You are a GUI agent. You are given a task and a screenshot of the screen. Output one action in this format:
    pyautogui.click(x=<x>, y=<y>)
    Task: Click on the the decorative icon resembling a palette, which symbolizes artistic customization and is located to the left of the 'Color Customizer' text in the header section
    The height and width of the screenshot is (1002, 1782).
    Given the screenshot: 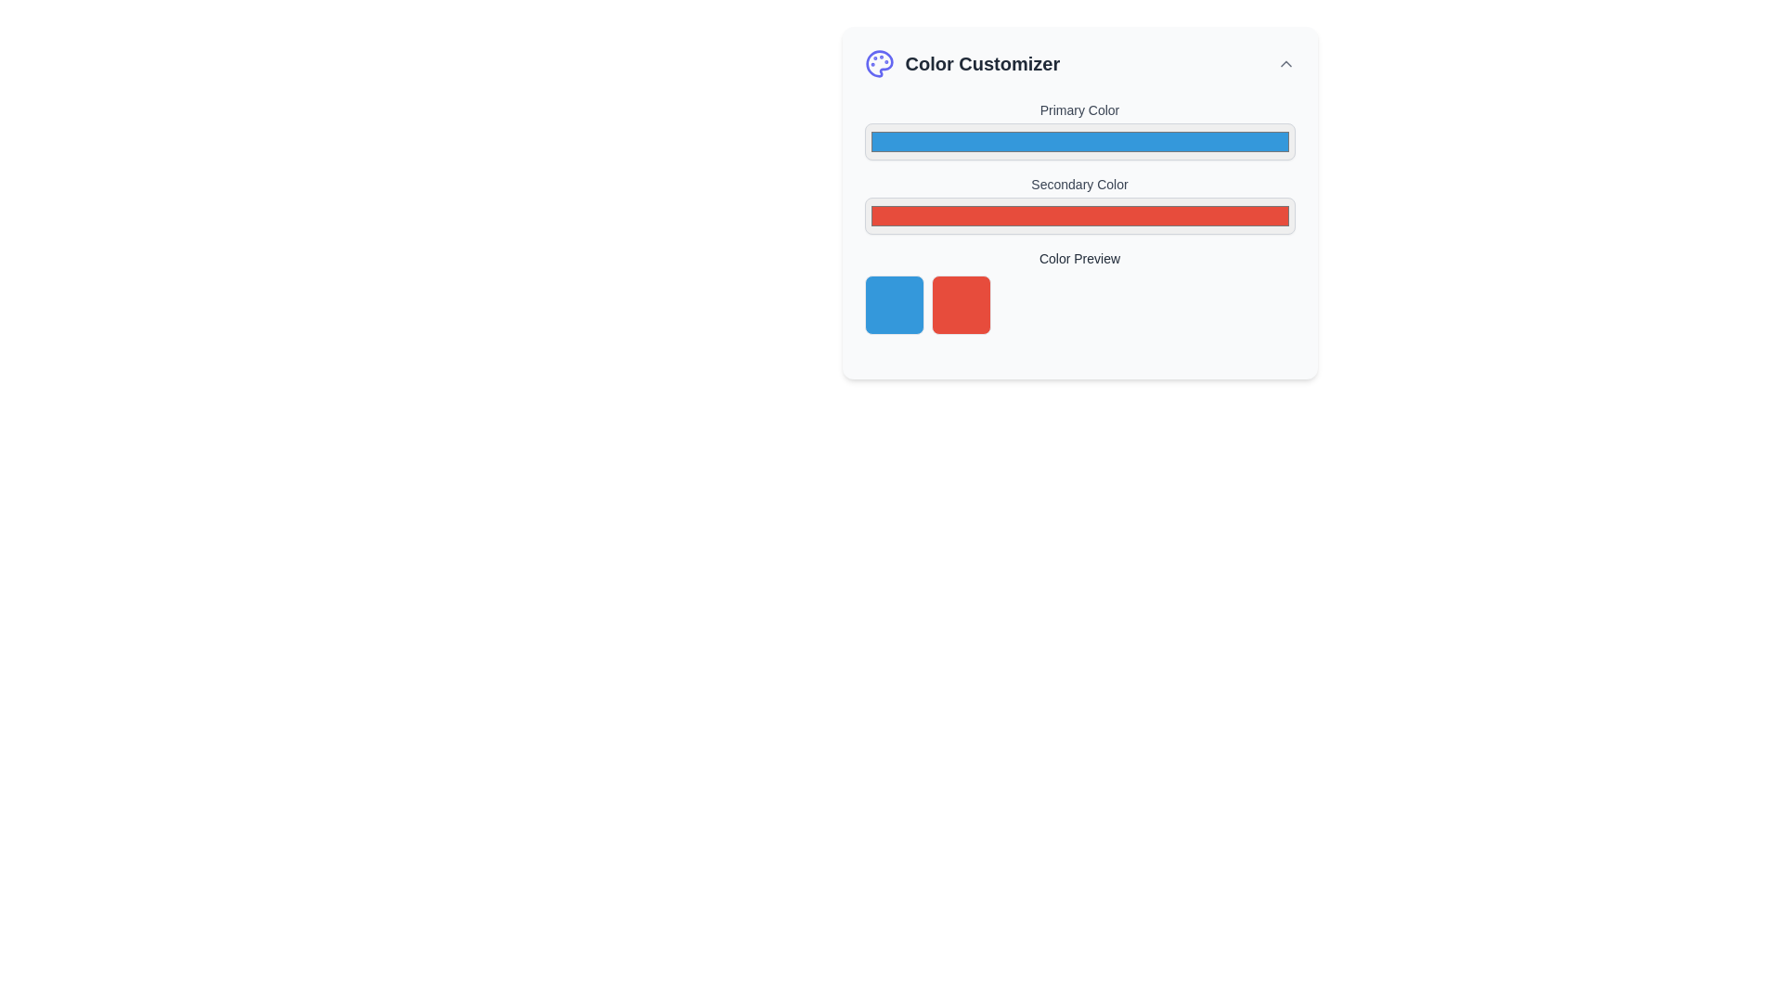 What is the action you would take?
    pyautogui.click(x=878, y=63)
    